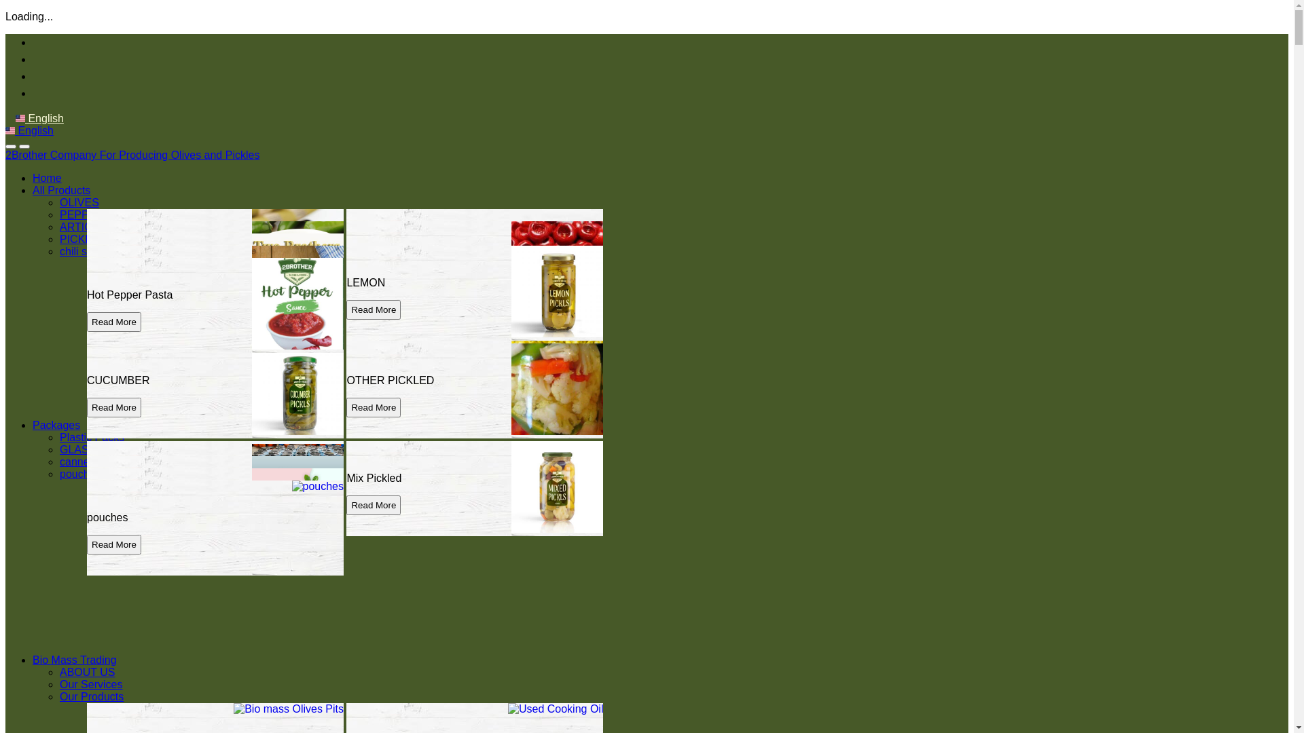  What do you see at coordinates (214, 280) in the screenshot?
I see `'Artichokes` at bounding box center [214, 280].